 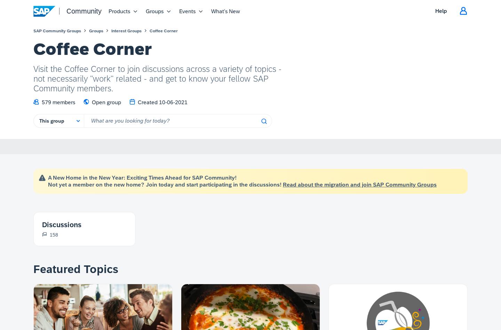 I want to click on 'Interest Groups', so click(x=111, y=31).